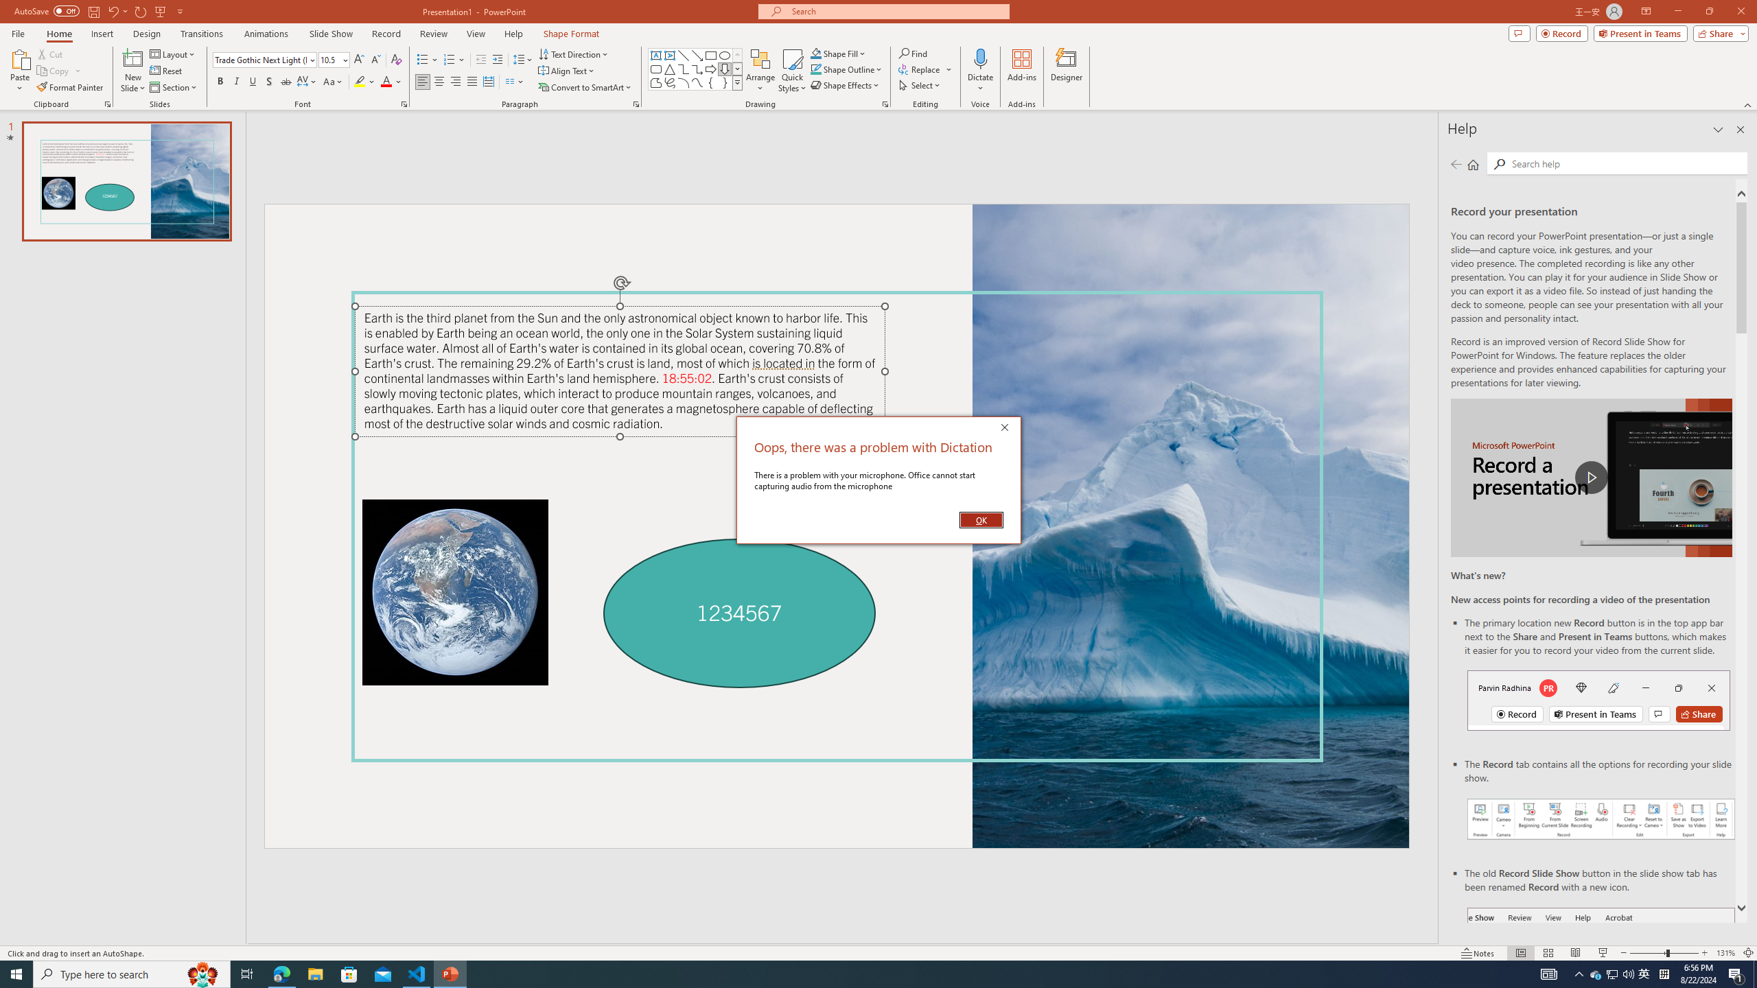  Describe the element at coordinates (174, 87) in the screenshot. I see `'Section'` at that location.